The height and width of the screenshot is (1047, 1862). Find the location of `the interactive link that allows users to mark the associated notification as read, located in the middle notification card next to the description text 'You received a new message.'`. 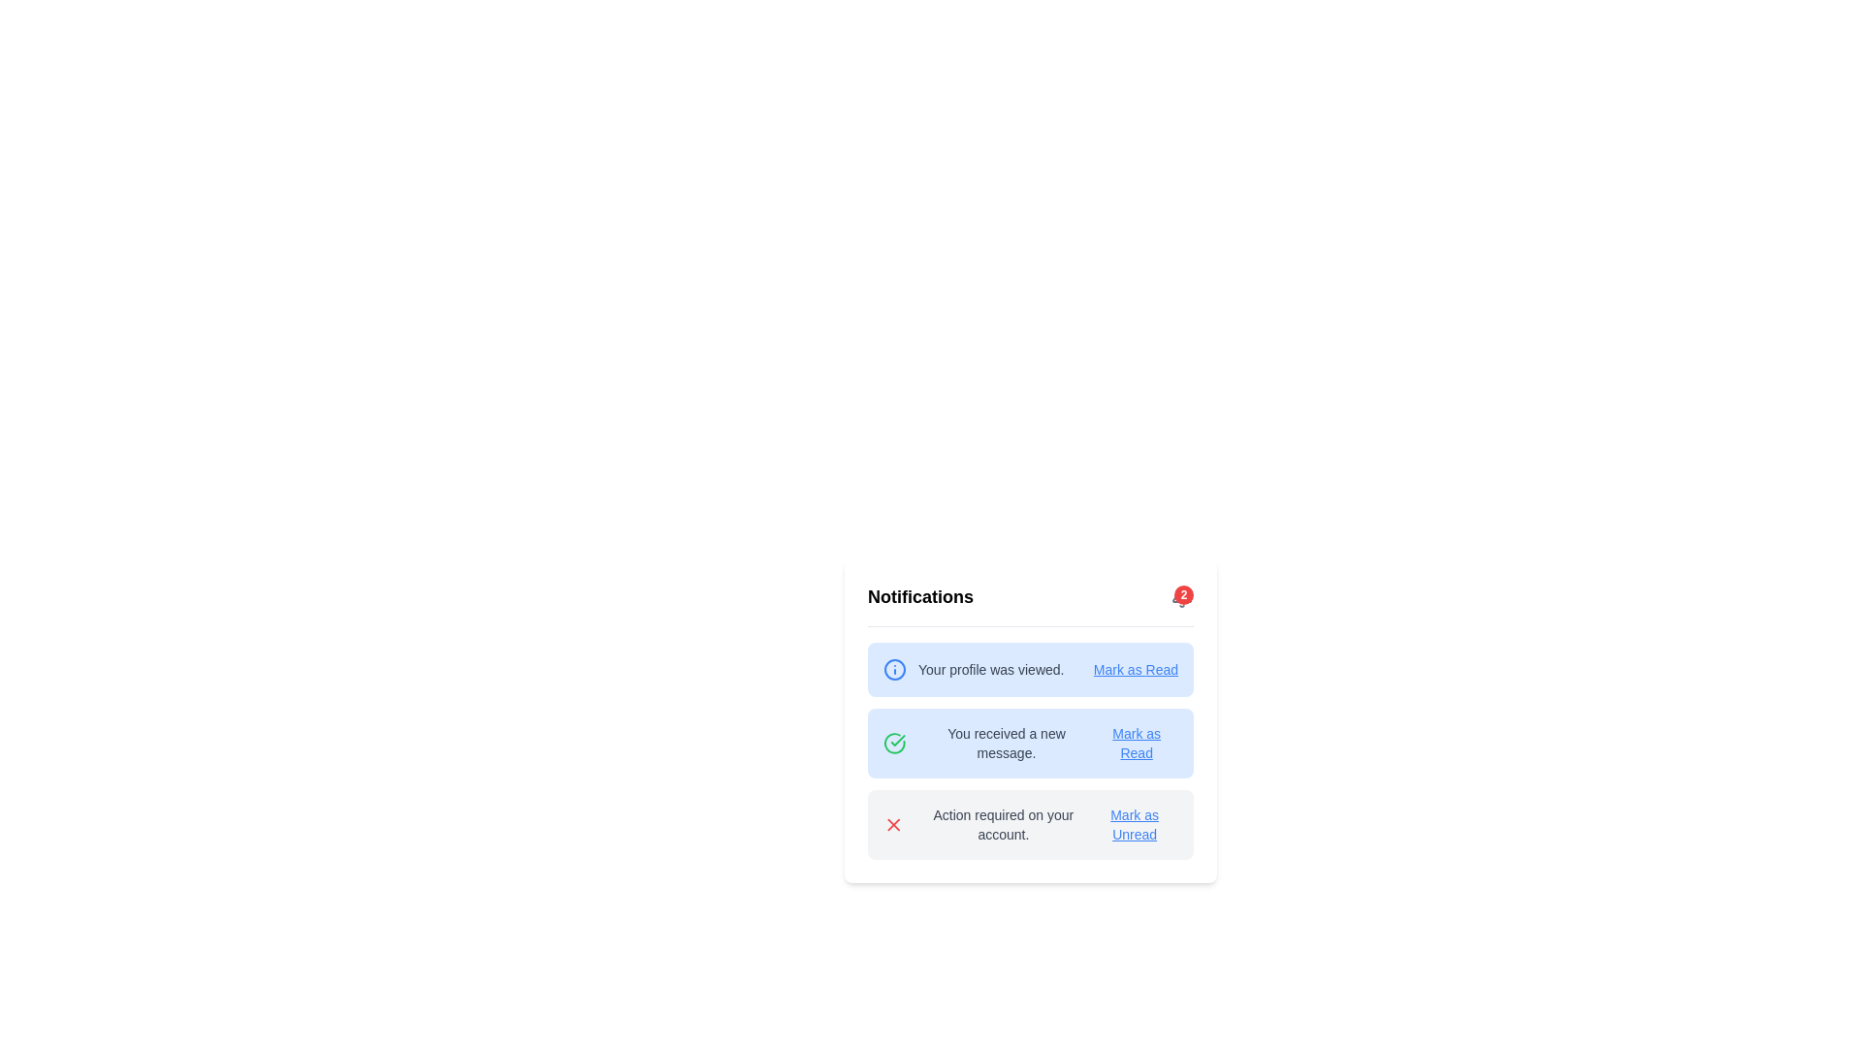

the interactive link that allows users to mark the associated notification as read, located in the middle notification card next to the description text 'You received a new message.' is located at coordinates (1137, 743).